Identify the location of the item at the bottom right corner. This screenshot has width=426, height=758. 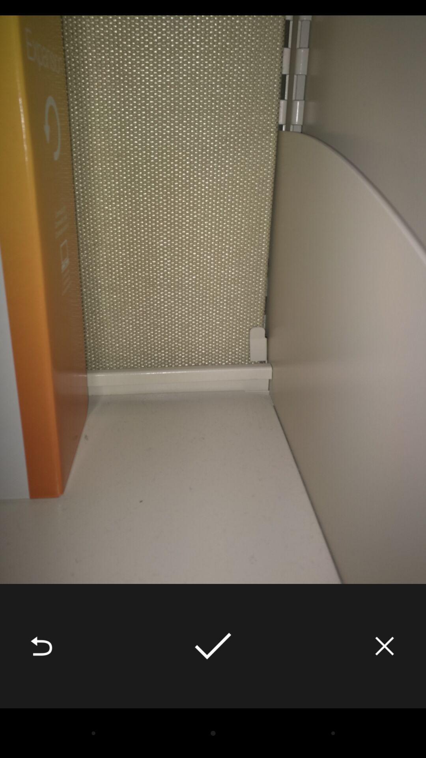
(384, 646).